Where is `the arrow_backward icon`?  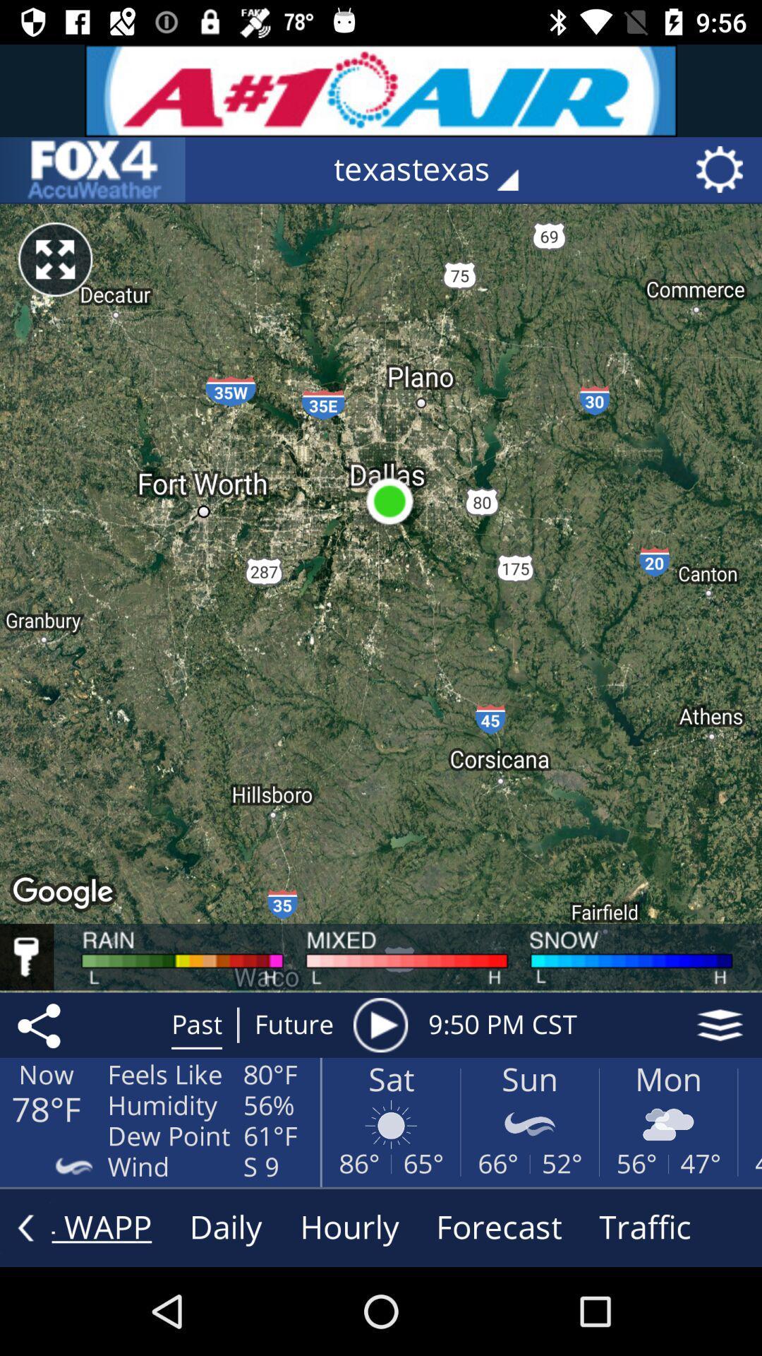 the arrow_backward icon is located at coordinates (25, 1227).